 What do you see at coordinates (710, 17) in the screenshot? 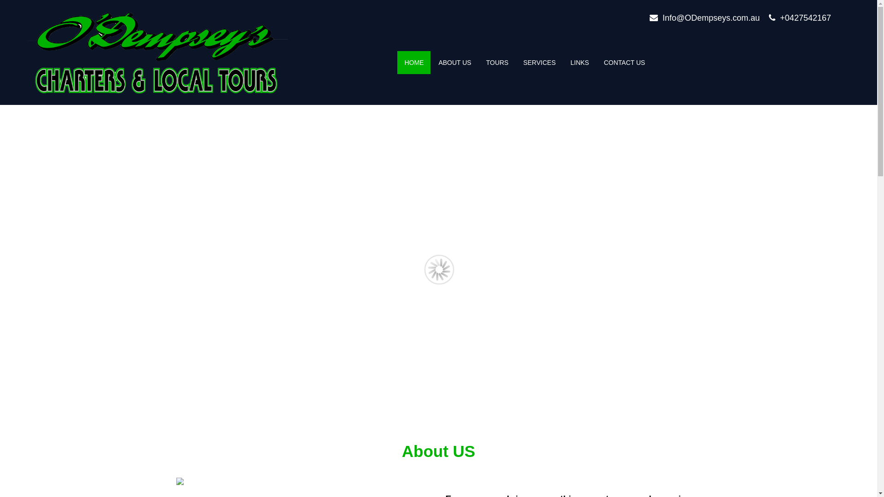
I see `'Info@ODempseys.com.au'` at bounding box center [710, 17].